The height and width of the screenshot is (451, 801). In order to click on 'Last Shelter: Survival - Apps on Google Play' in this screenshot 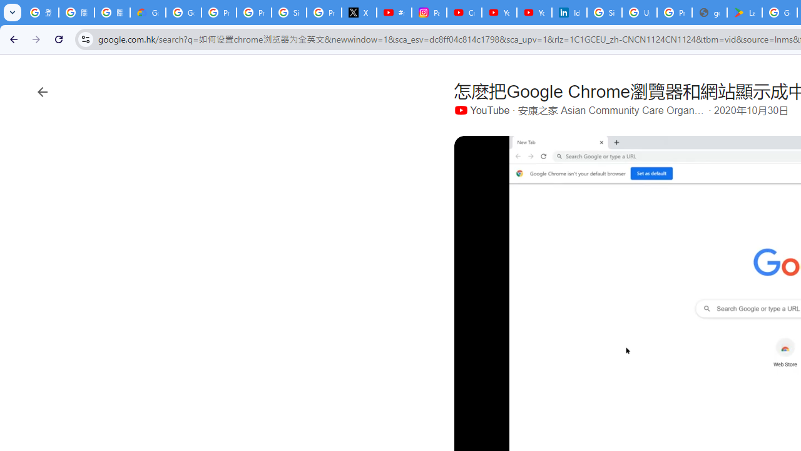, I will do `click(745, 13)`.